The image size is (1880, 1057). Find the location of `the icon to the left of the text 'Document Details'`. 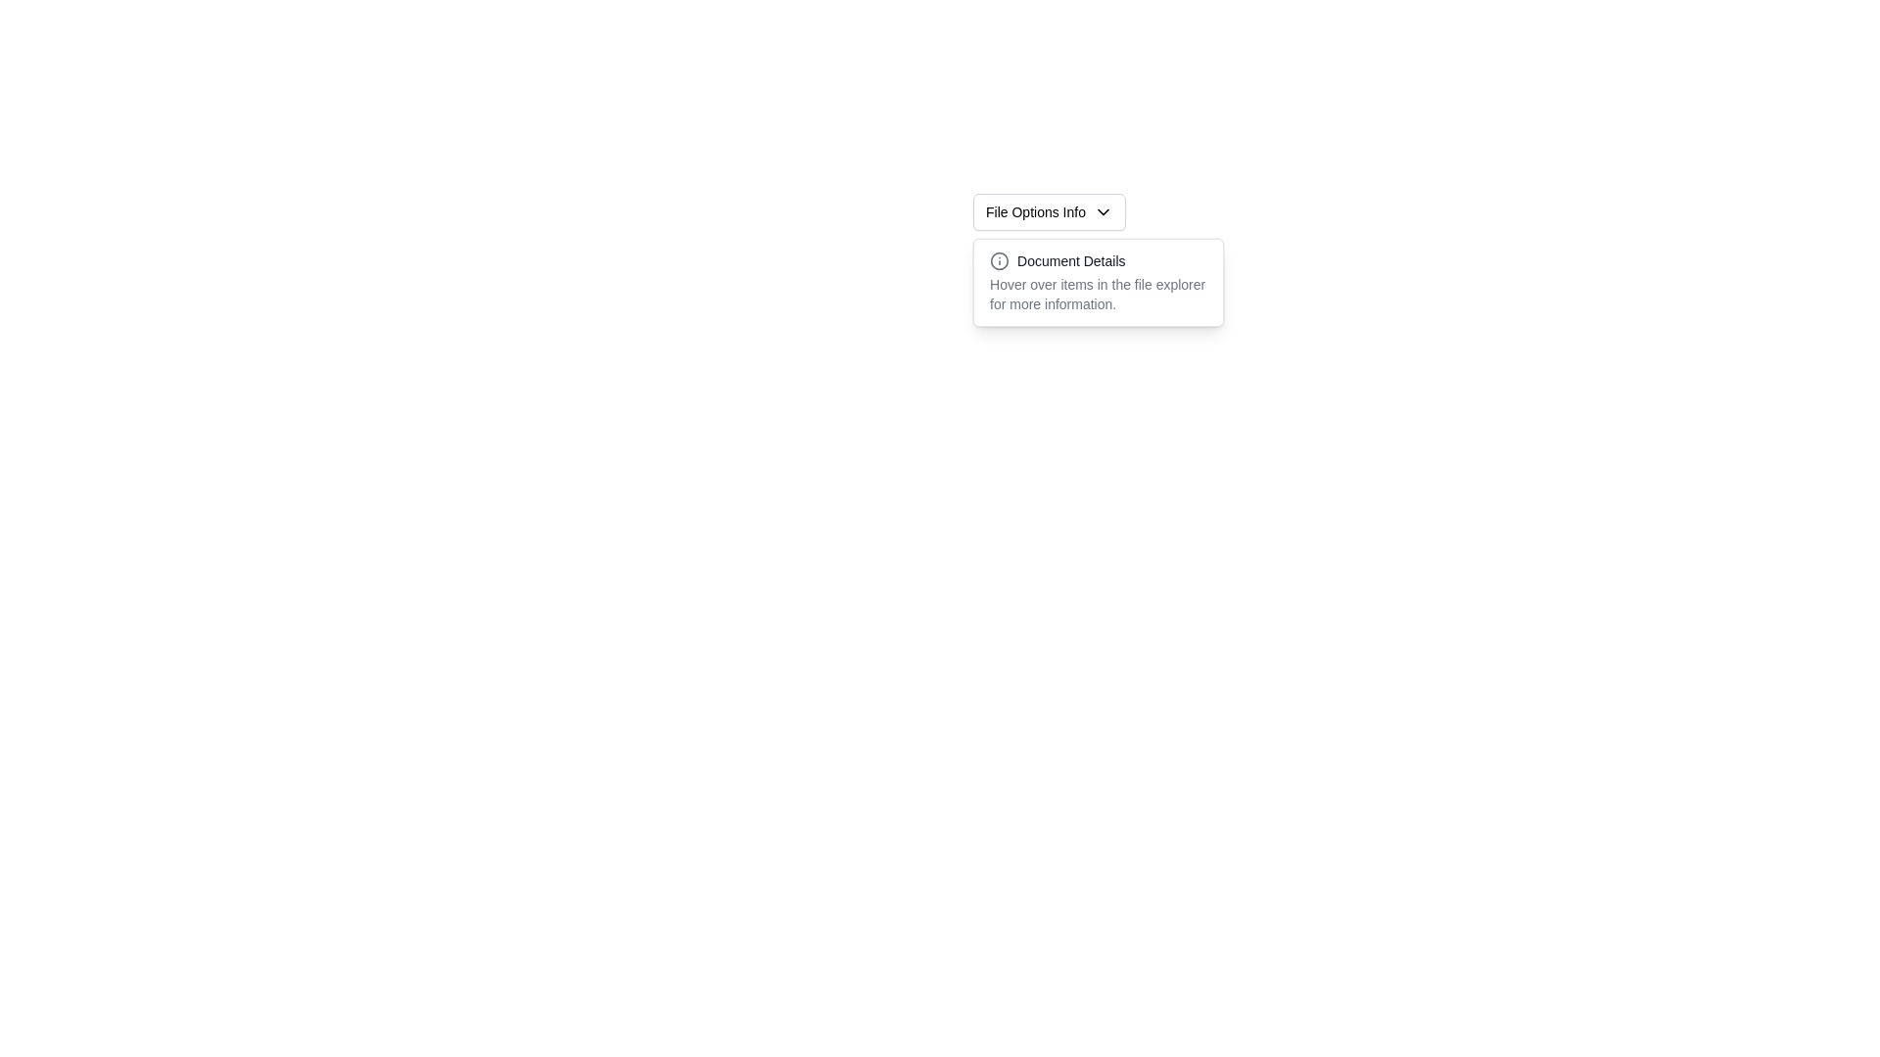

the icon to the left of the text 'Document Details' is located at coordinates (1000, 259).